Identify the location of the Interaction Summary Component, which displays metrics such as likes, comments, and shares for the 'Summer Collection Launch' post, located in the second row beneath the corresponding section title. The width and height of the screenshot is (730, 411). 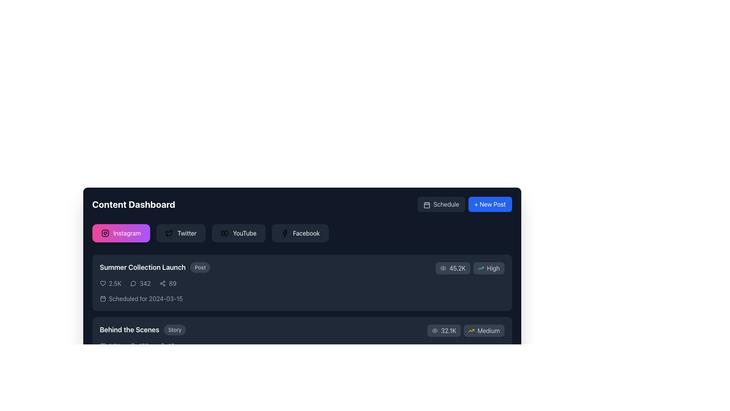
(268, 283).